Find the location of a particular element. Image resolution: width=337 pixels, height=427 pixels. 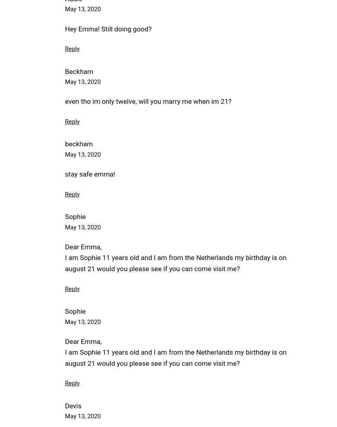

'Beckham' is located at coordinates (79, 71).